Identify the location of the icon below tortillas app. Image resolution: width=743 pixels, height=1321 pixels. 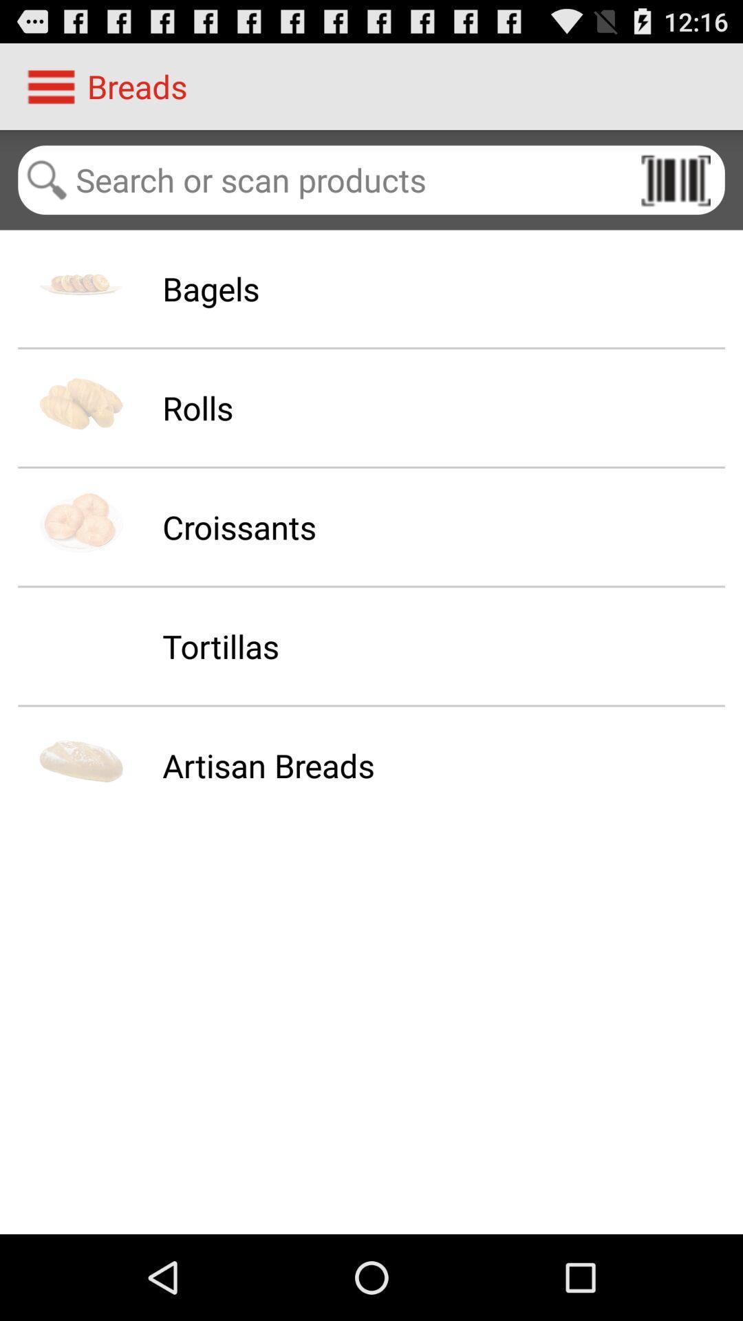
(268, 764).